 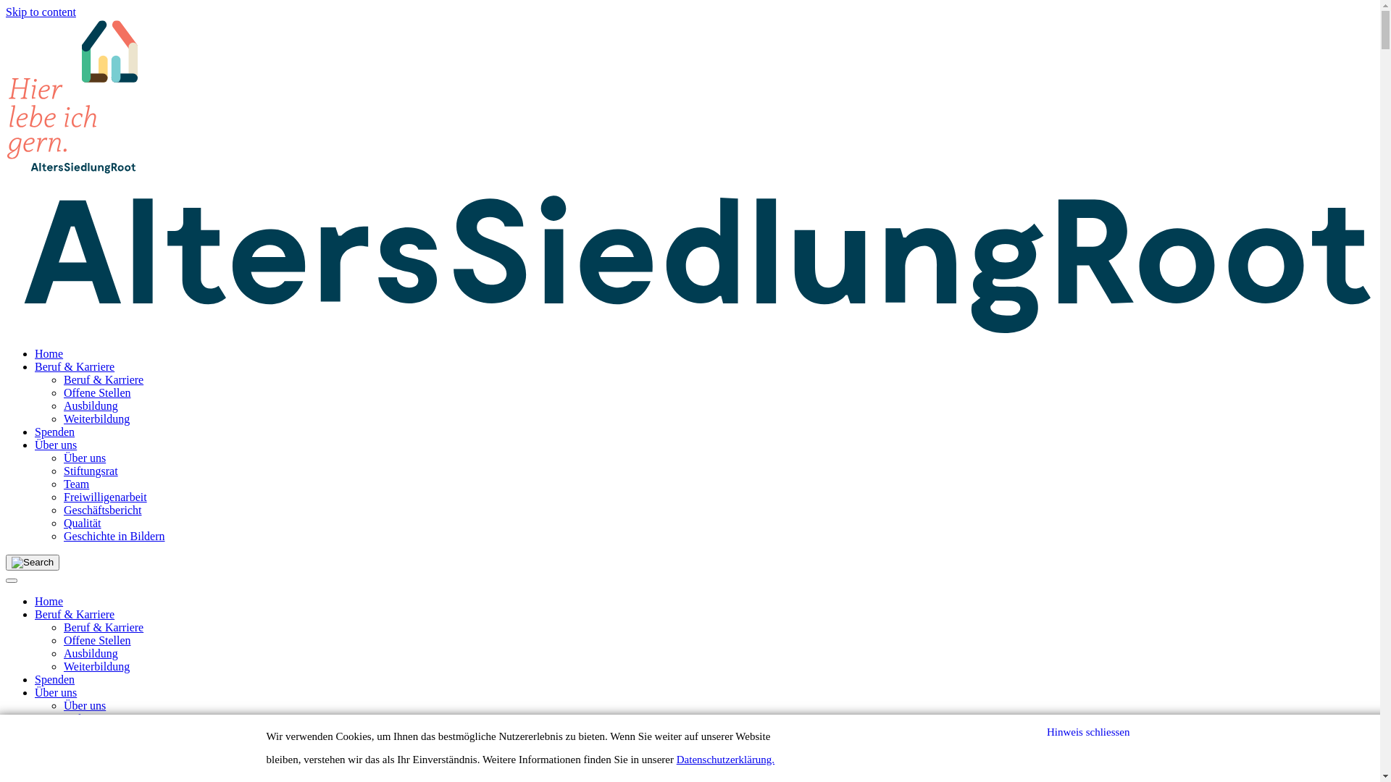 What do you see at coordinates (73, 614) in the screenshot?
I see `'Beruf & Karriere'` at bounding box center [73, 614].